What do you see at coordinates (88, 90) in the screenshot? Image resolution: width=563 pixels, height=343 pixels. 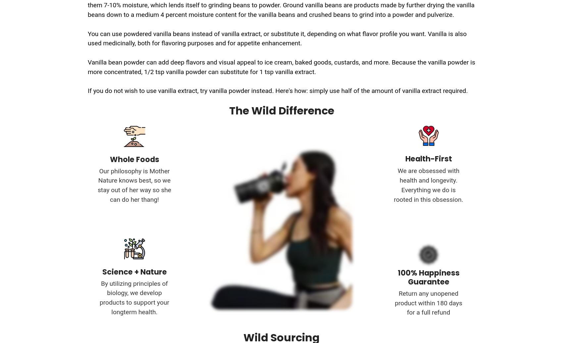 I see `'If you do not wish to use vanilla extract, try vanilla powder instead. Here's how: simply use half of the amount of vanilla extract required.'` at bounding box center [88, 90].